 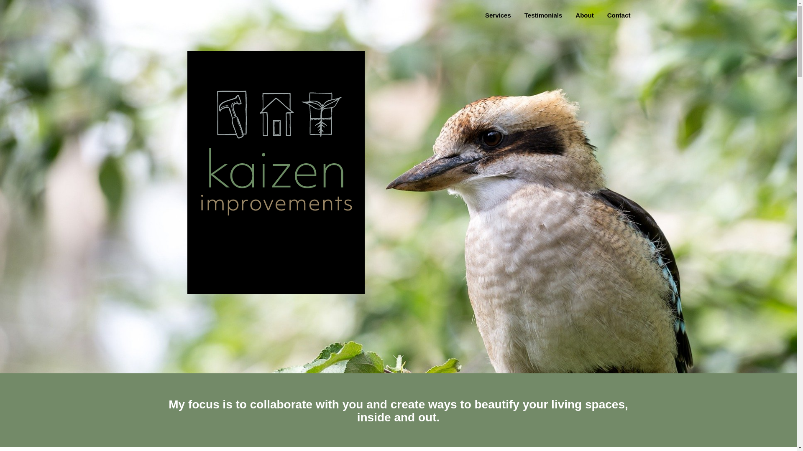 I want to click on 'Contact', so click(x=619, y=15).